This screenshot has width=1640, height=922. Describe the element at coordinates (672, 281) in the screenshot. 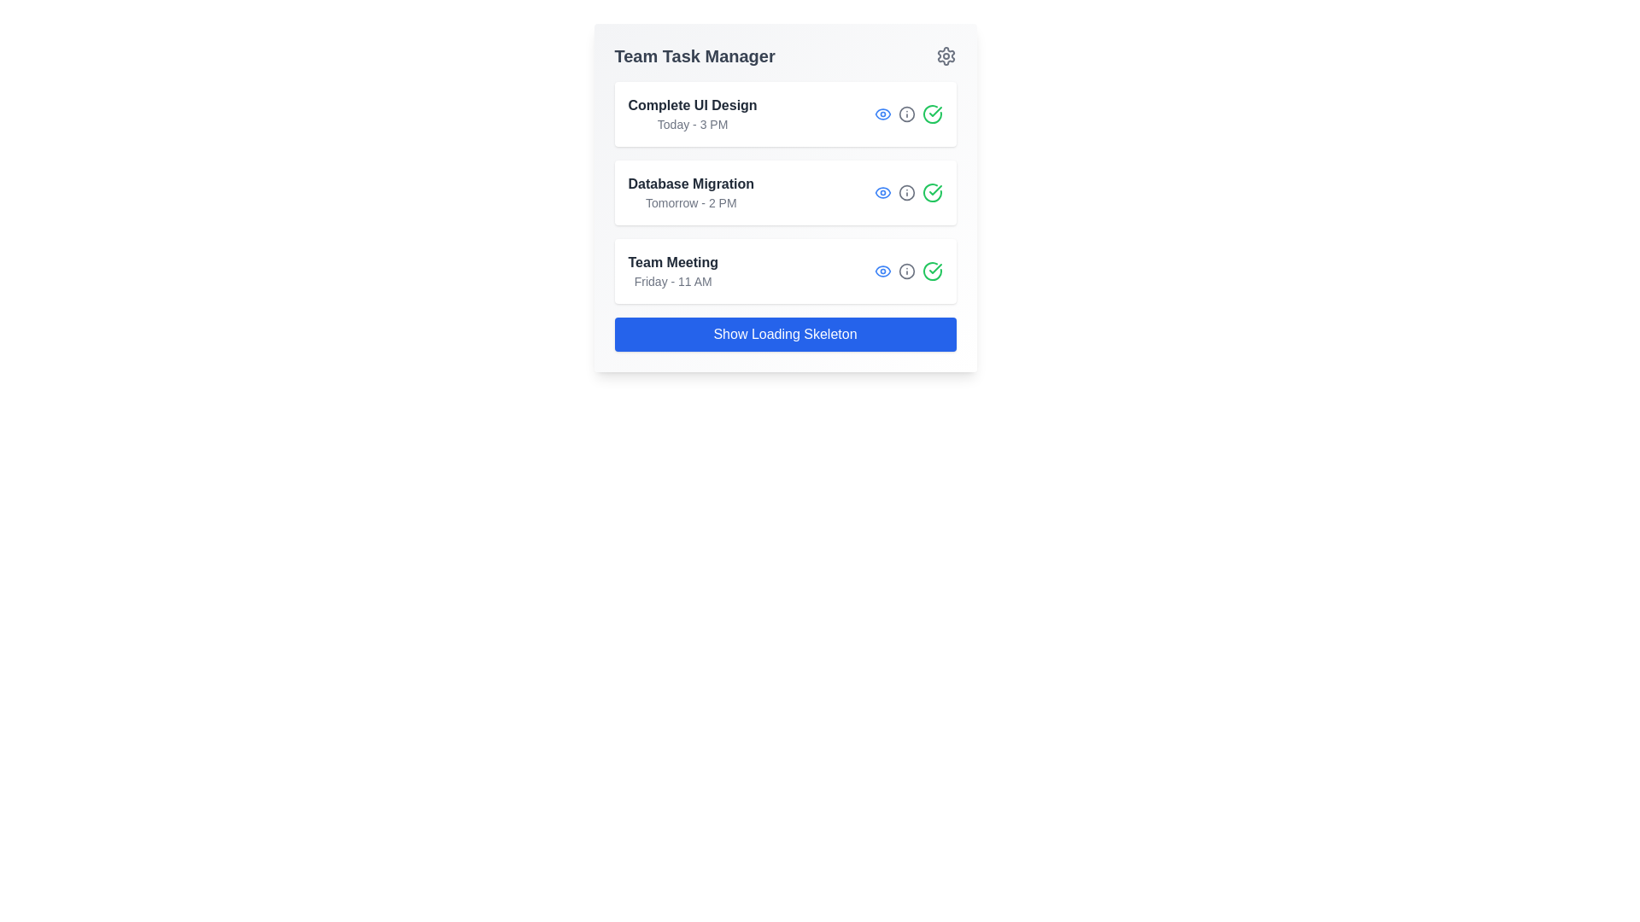

I see `the text label displaying 'Friday - 11 AM', which is styled in a small, gray font and positioned beneath the 'Team Meeting' title` at that location.